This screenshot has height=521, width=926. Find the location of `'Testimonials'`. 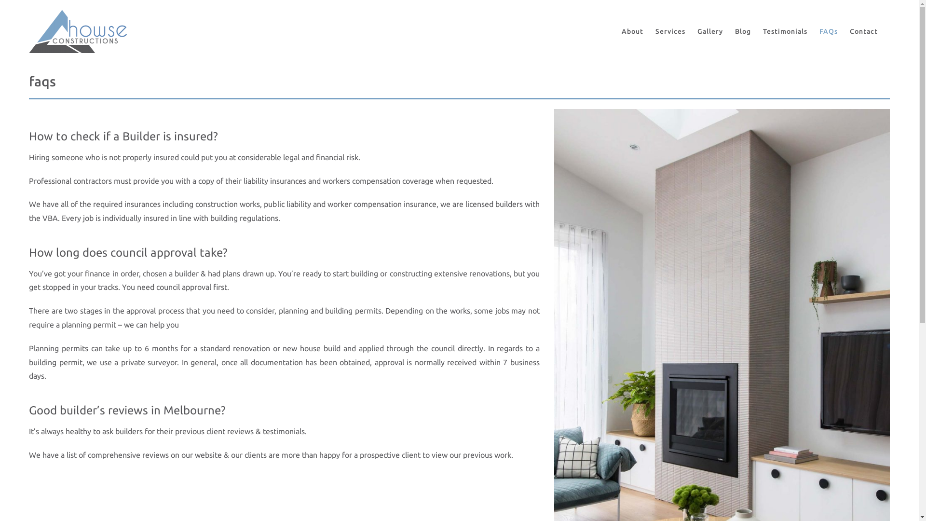

'Testimonials' is located at coordinates (763, 31).